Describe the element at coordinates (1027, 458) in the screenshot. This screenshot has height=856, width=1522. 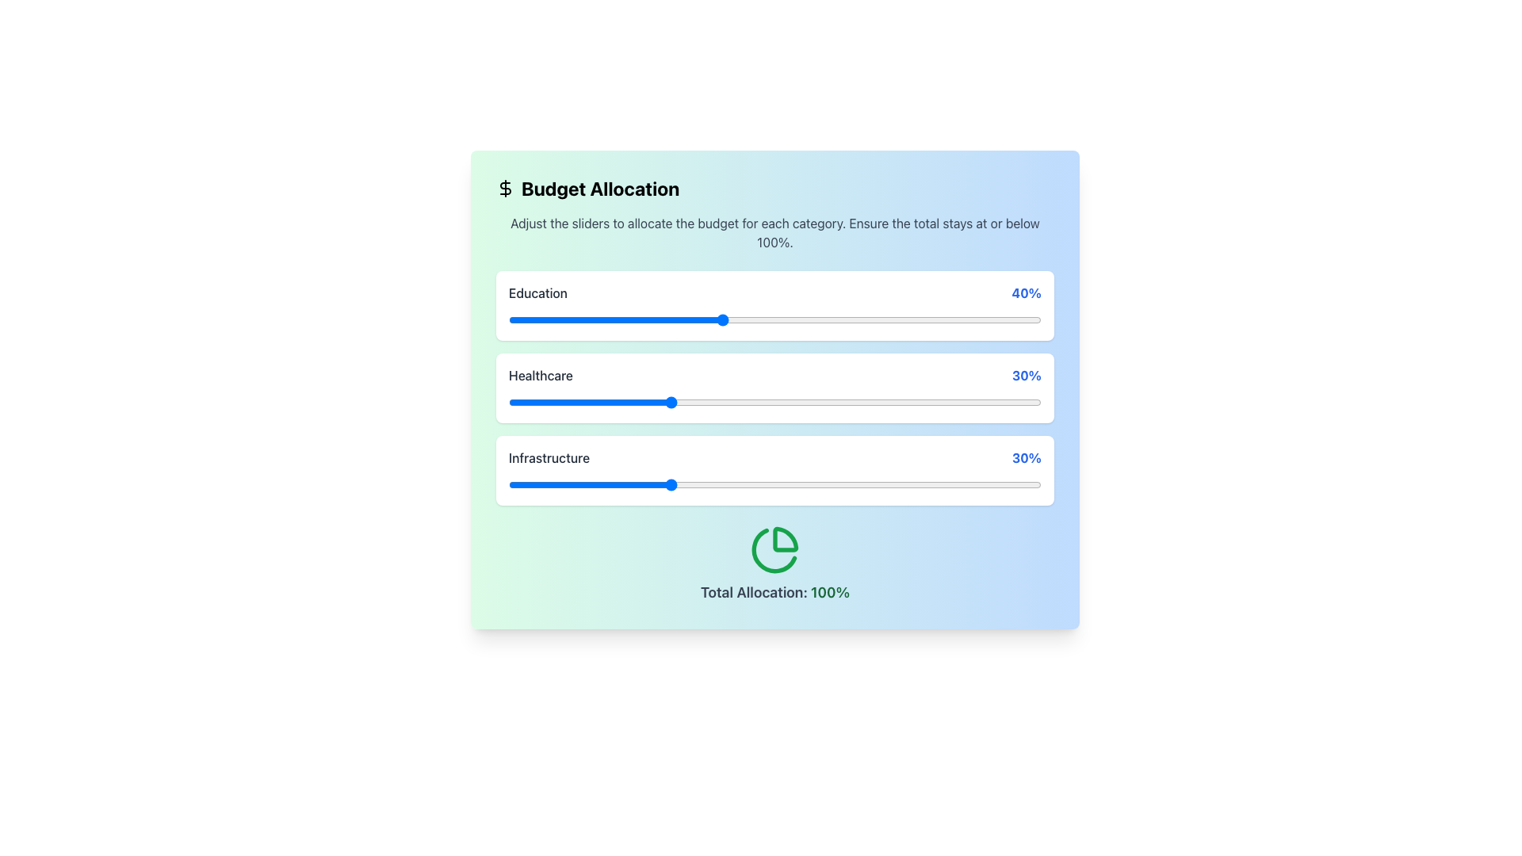
I see `text content of the bold blue-colored label displaying '30%' located at the far-right edge of the 'Infrastructure' row` at that location.